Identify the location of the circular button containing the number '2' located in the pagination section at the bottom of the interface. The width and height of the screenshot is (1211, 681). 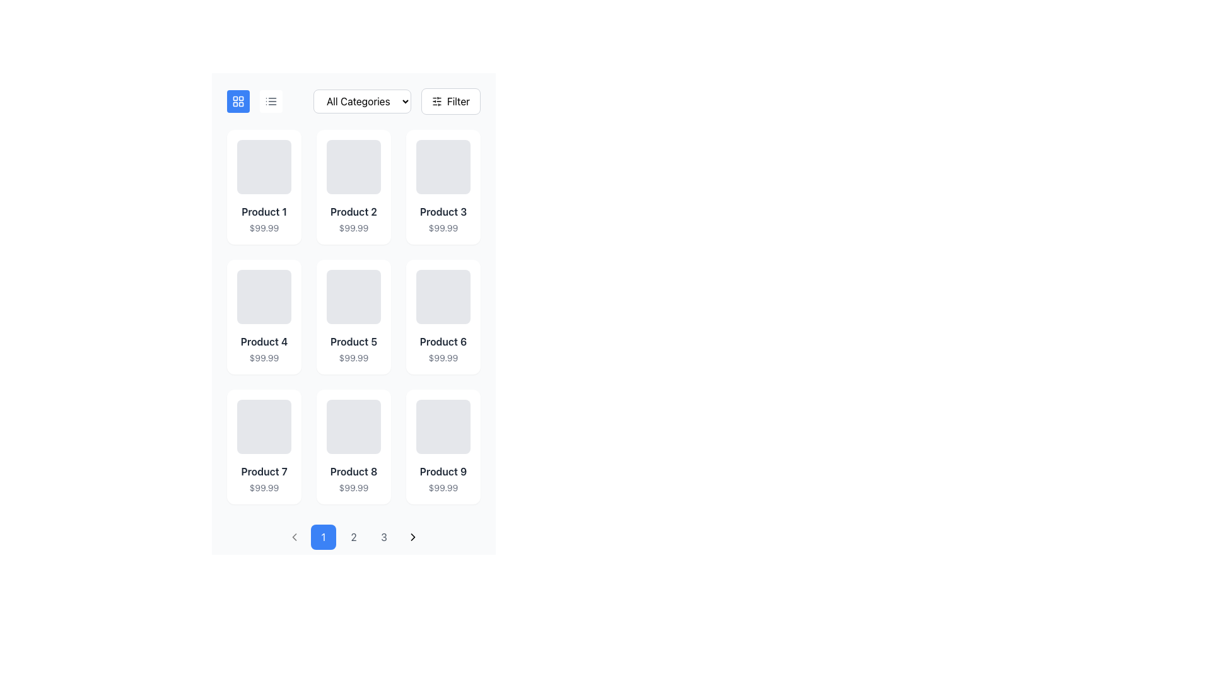
(353, 537).